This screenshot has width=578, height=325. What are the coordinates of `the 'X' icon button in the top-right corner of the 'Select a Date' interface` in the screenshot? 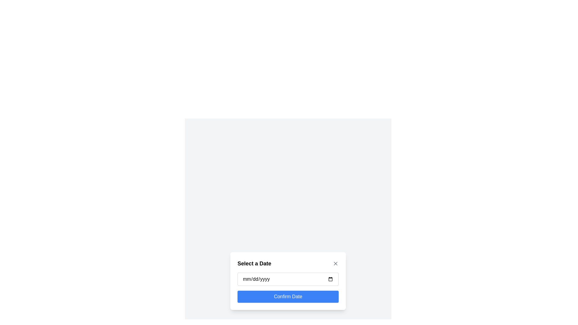 It's located at (335, 263).